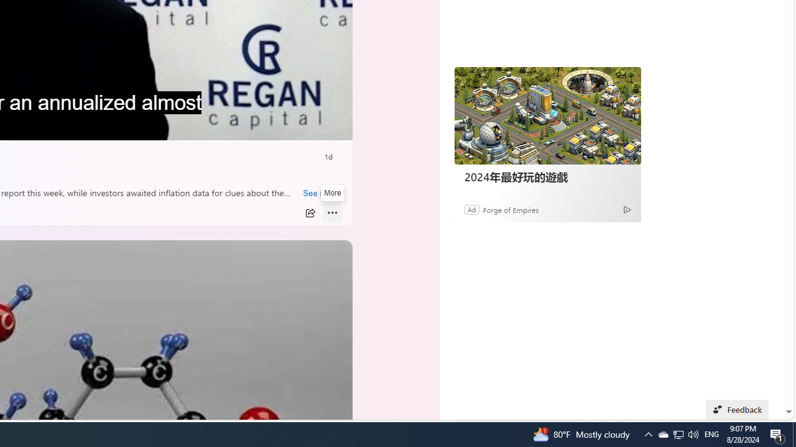  Describe the element at coordinates (310, 212) in the screenshot. I see `'Share'` at that location.